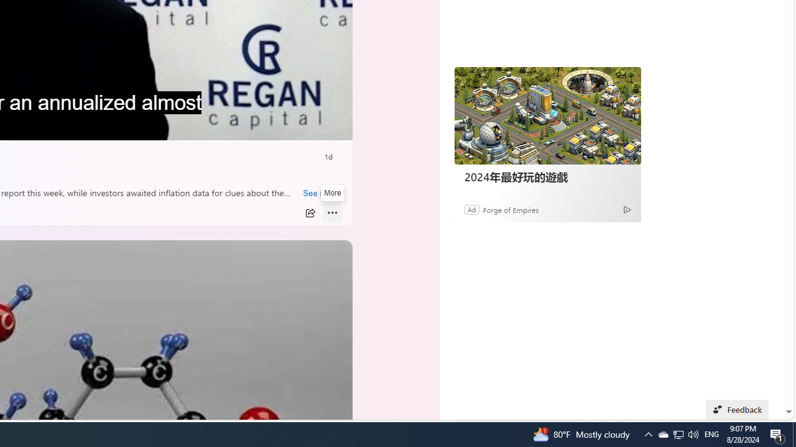  Describe the element at coordinates (310, 212) in the screenshot. I see `'Share'` at that location.